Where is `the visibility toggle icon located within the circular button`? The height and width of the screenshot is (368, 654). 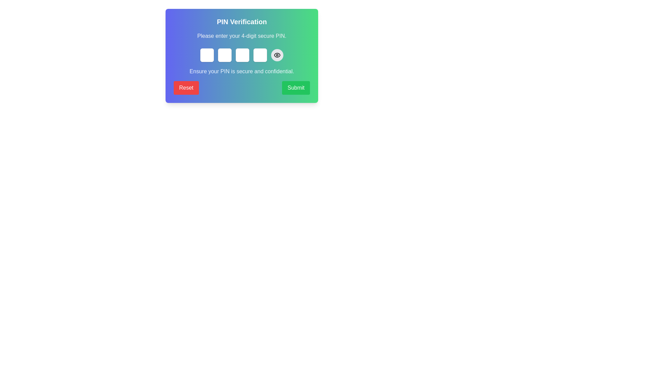 the visibility toggle icon located within the circular button is located at coordinates (277, 55).